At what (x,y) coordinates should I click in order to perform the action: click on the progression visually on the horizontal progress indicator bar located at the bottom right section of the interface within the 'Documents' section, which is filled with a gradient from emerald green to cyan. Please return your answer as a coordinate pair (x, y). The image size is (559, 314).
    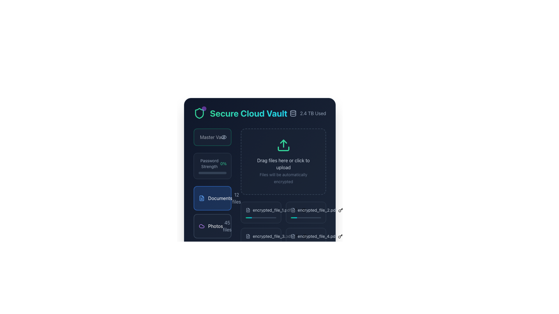
    Looking at the image, I should click on (258, 217).